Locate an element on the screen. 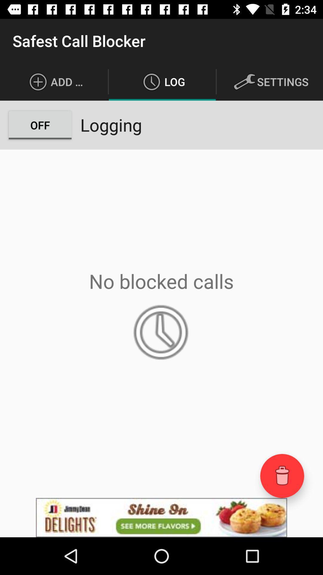  the delete icon is located at coordinates (282, 476).